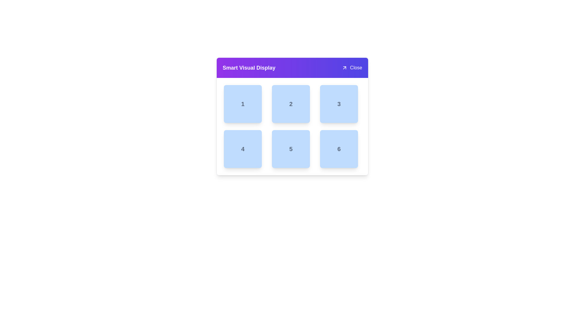  What do you see at coordinates (243, 148) in the screenshot?
I see `the bold numeral '4' displayed in a gray font within the light-blue rectangular box located in the second row and first column of the grid` at bounding box center [243, 148].